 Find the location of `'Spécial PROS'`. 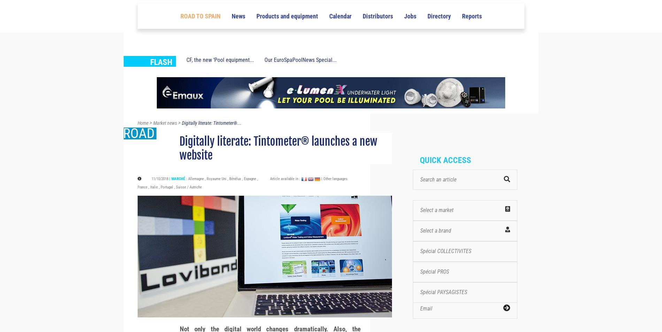

'Spécial PROS' is located at coordinates (434, 284).